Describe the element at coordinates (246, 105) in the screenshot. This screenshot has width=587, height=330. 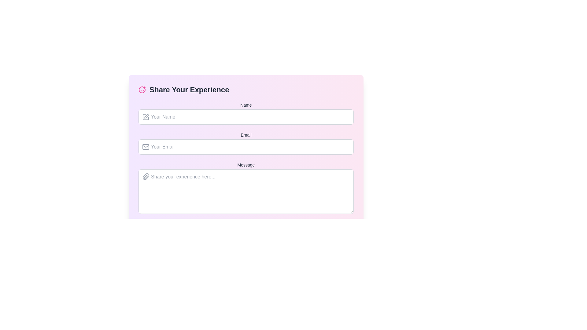
I see `the label that provides context for the input field below, located above the first input field in the form` at that location.